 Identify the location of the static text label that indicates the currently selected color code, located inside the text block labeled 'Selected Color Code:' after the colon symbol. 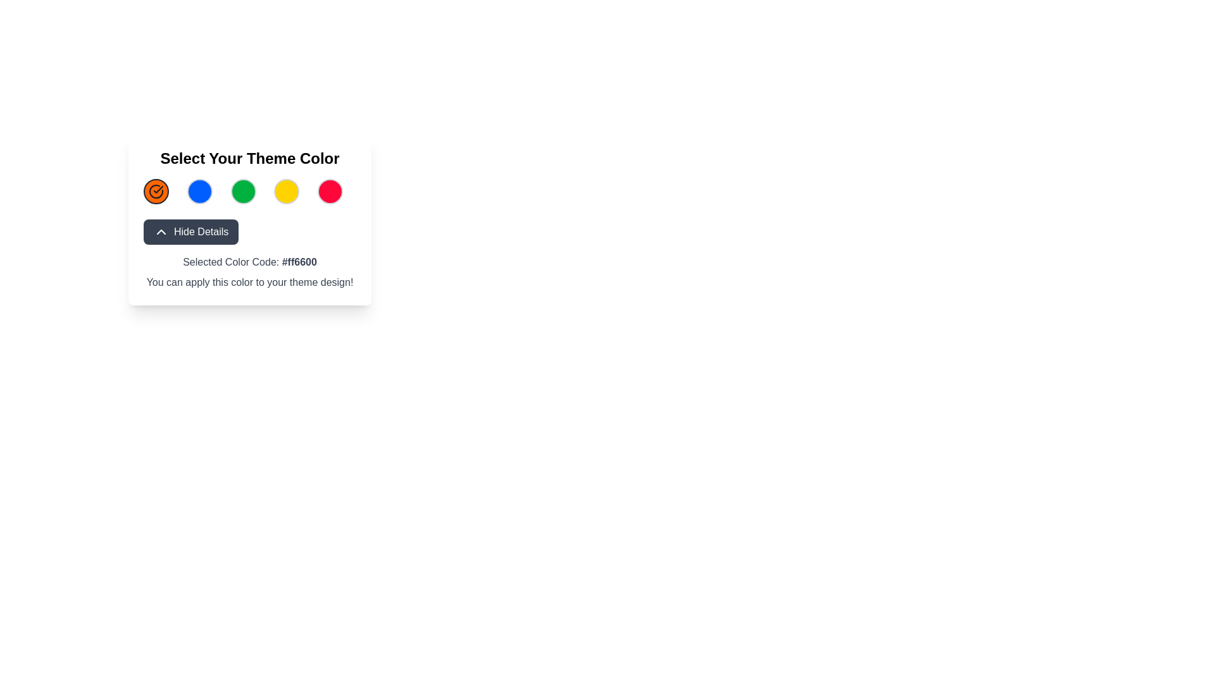
(299, 261).